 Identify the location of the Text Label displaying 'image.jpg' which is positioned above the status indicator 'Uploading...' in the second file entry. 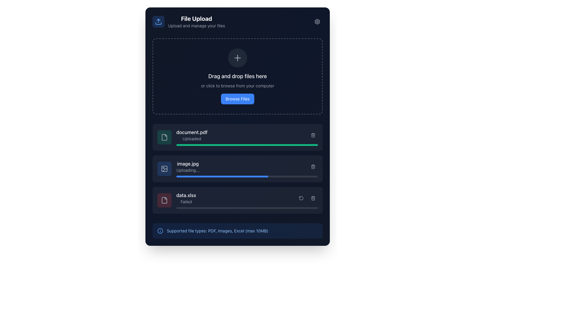
(187, 164).